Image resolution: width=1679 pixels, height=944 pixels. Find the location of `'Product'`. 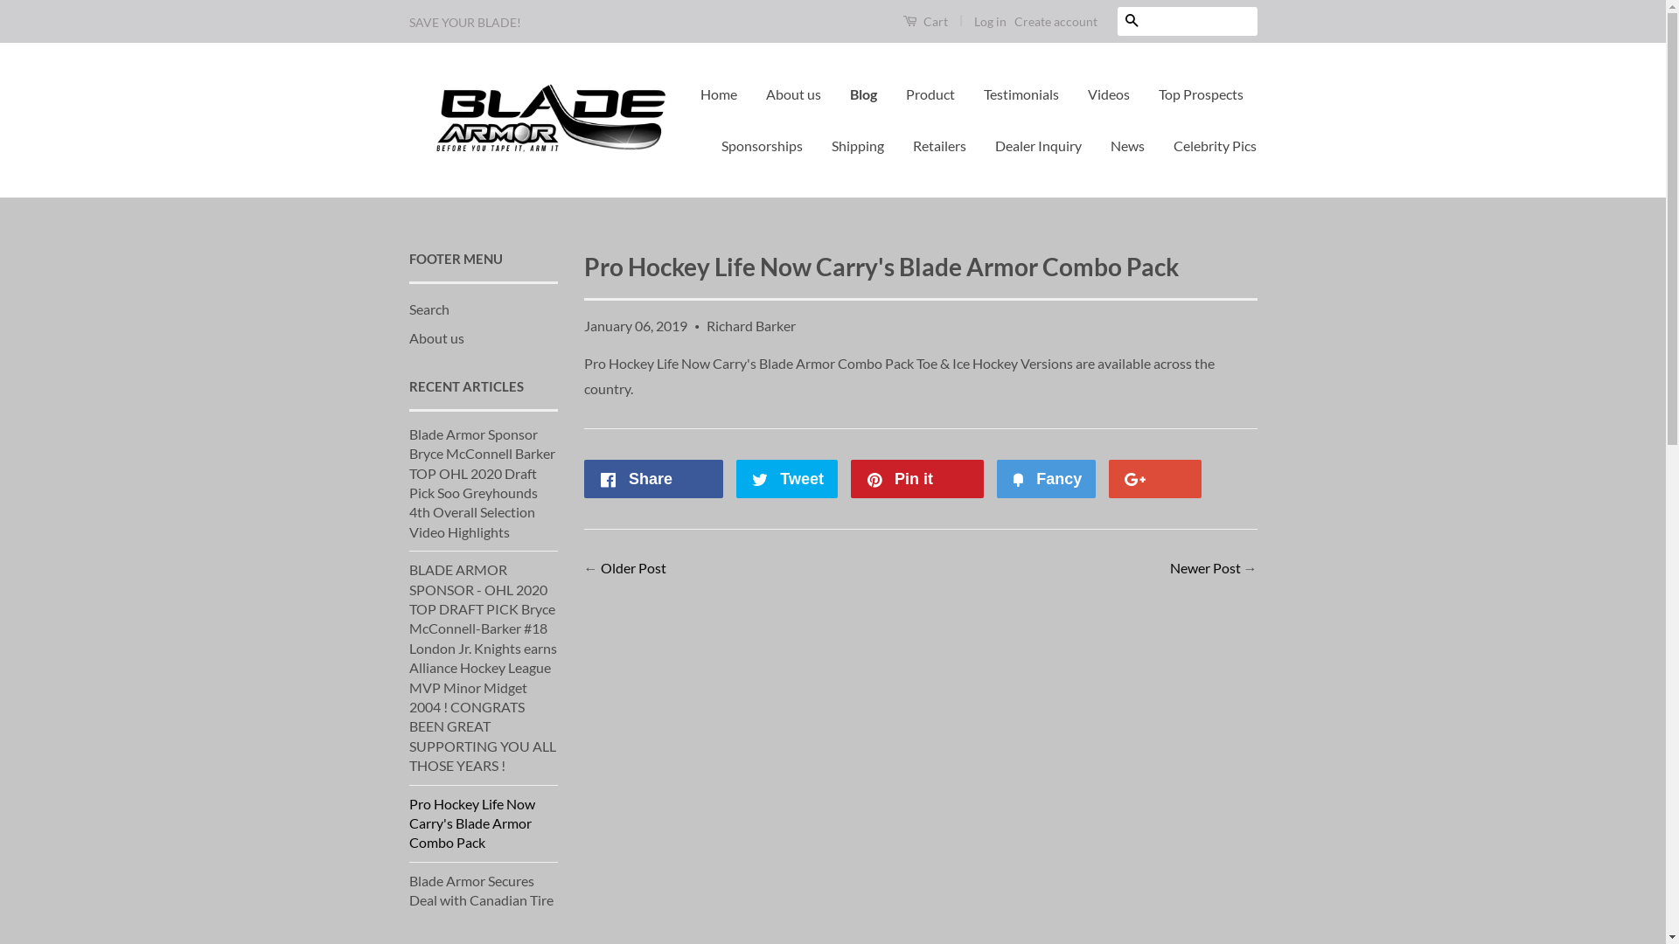

'Product' is located at coordinates (930, 94).